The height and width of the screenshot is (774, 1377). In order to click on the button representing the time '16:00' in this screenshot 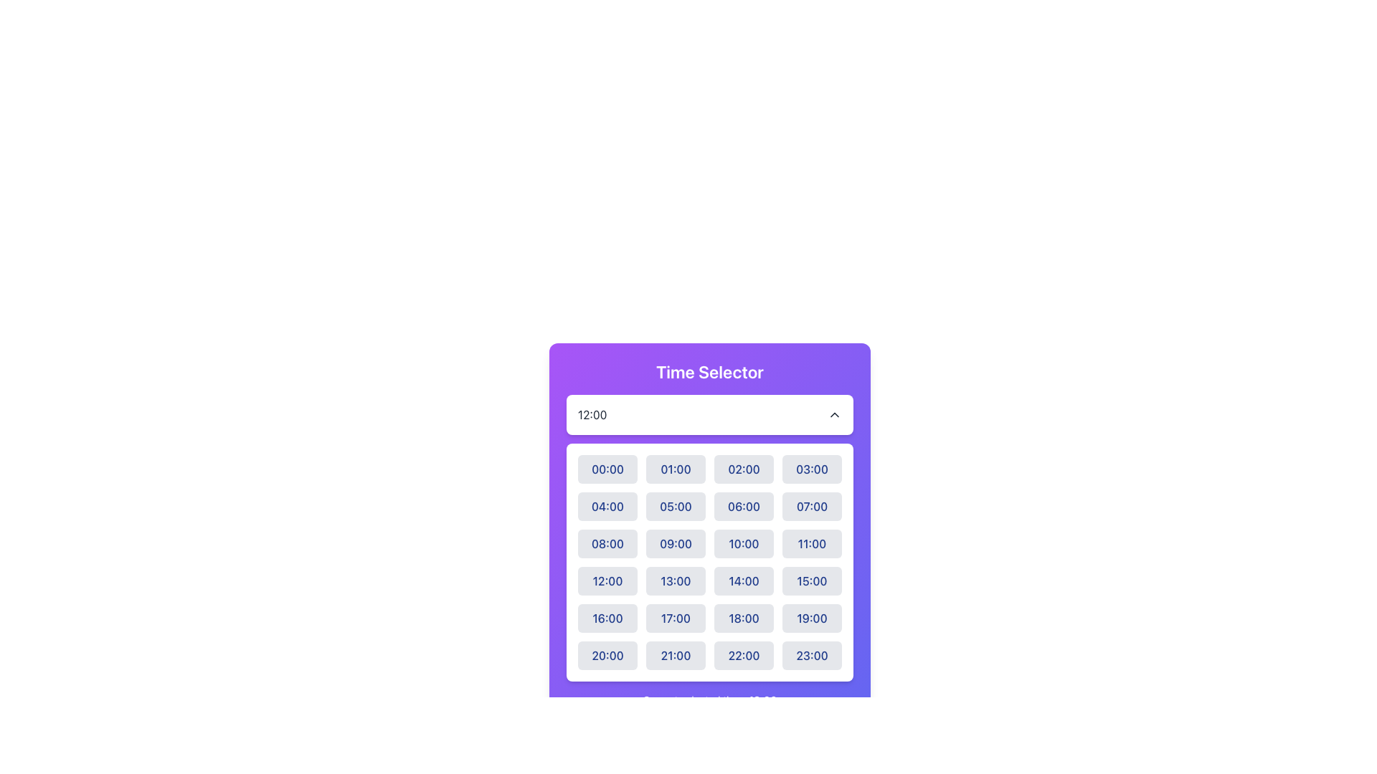, I will do `click(607, 618)`.